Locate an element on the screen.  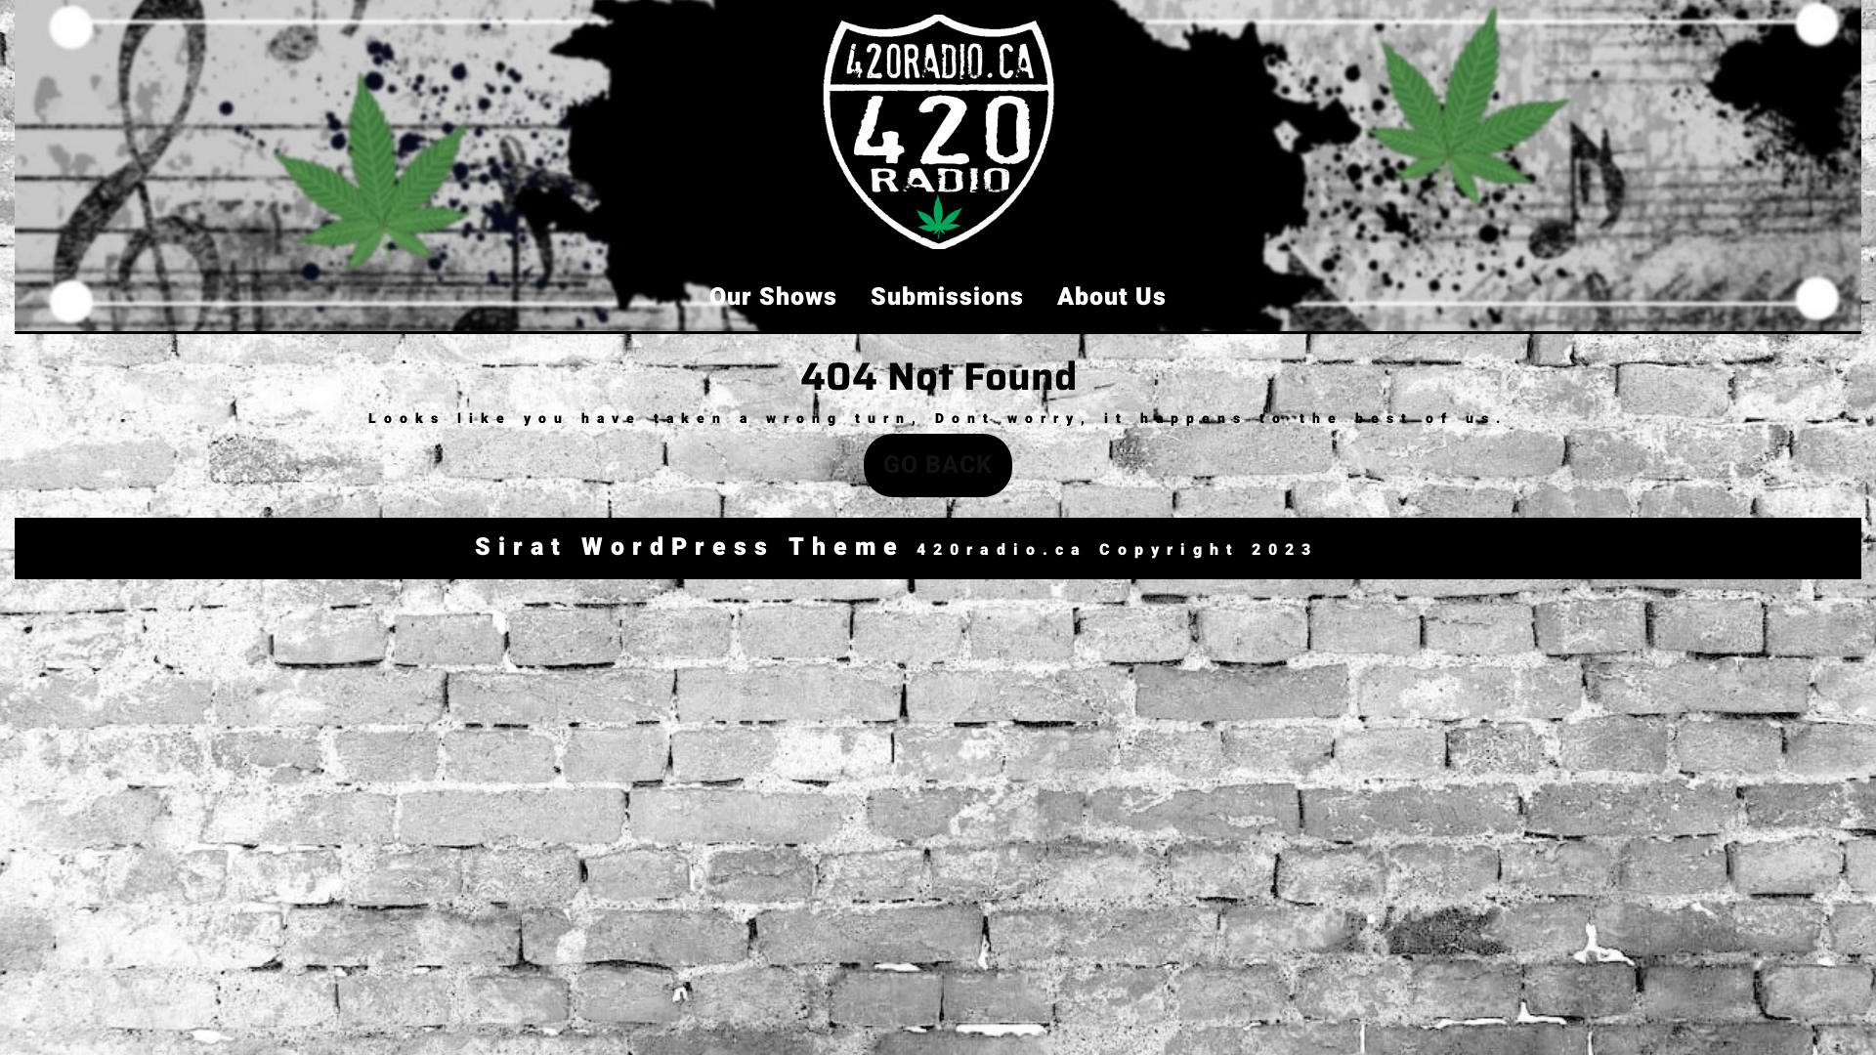
'GO BACK is located at coordinates (938, 465).